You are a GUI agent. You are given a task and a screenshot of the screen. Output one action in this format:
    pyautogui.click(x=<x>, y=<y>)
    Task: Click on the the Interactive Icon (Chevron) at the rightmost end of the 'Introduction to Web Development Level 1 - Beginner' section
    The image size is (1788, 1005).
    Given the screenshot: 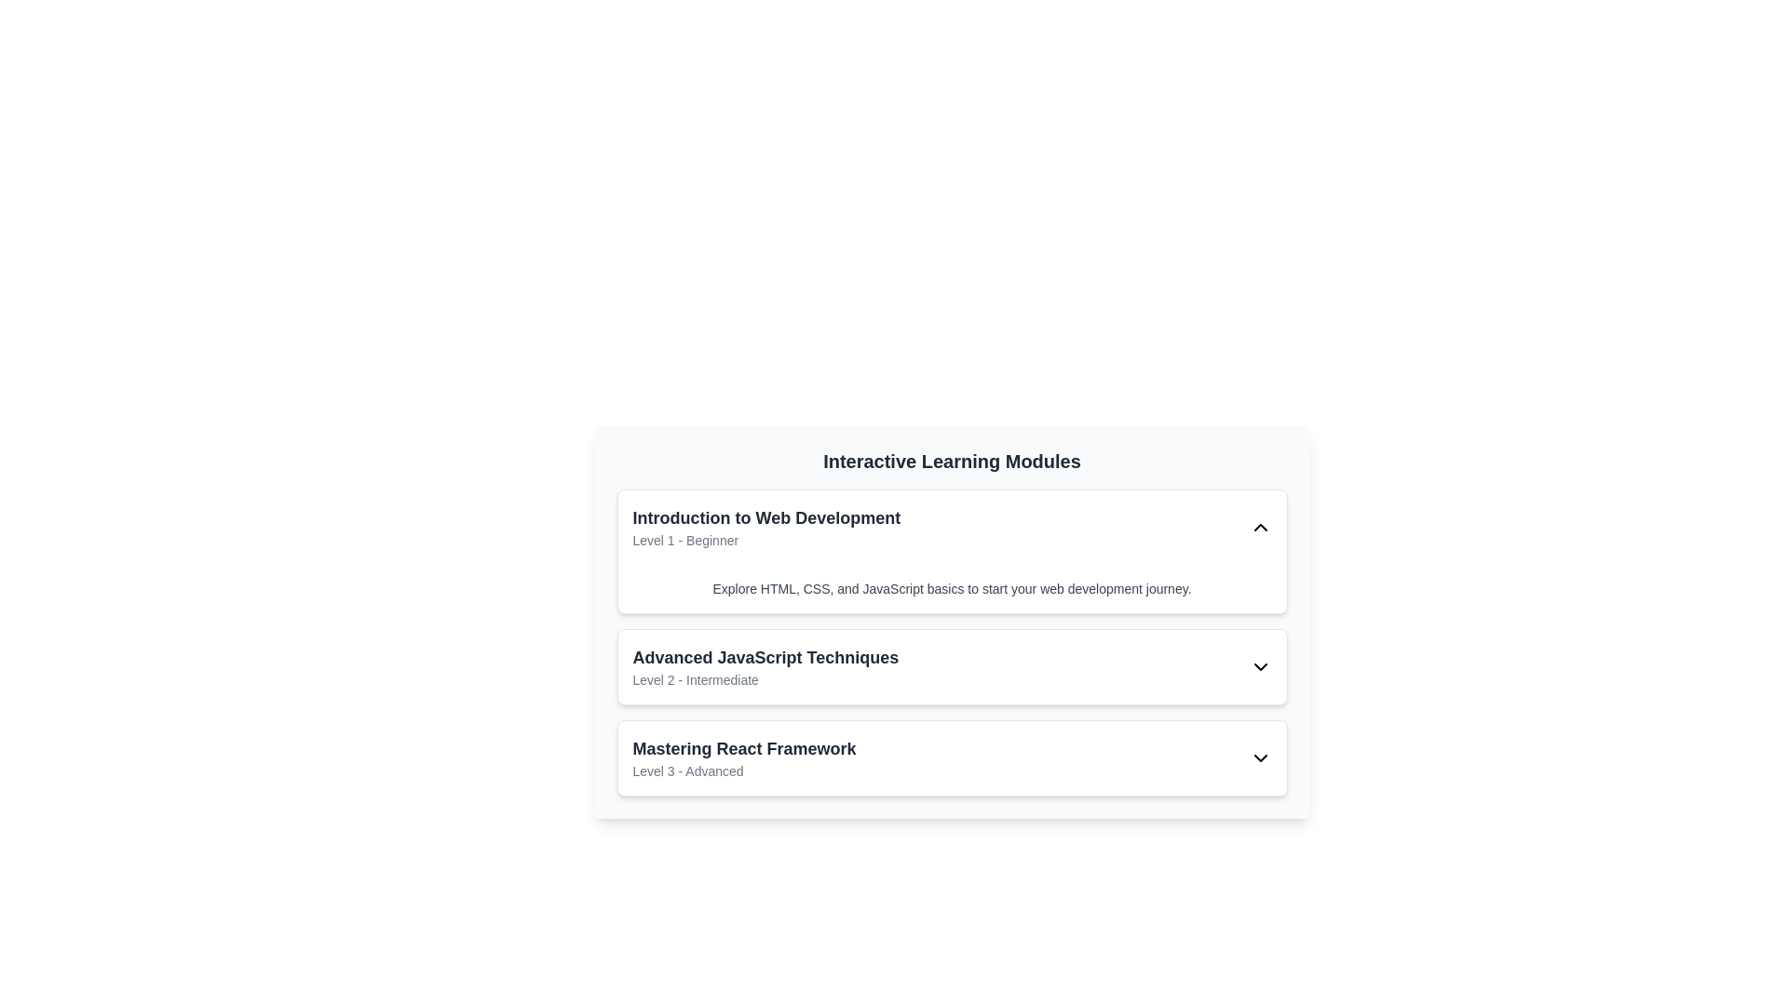 What is the action you would take?
    pyautogui.click(x=1260, y=528)
    